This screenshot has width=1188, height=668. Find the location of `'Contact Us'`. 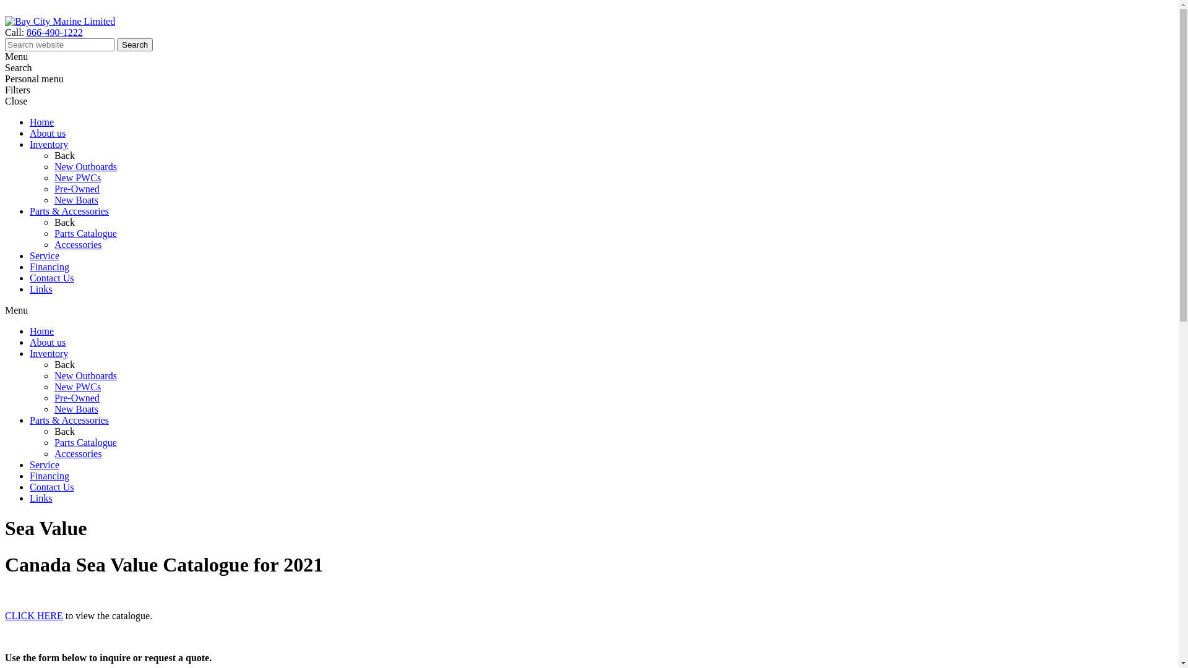

'Contact Us' is located at coordinates (51, 277).